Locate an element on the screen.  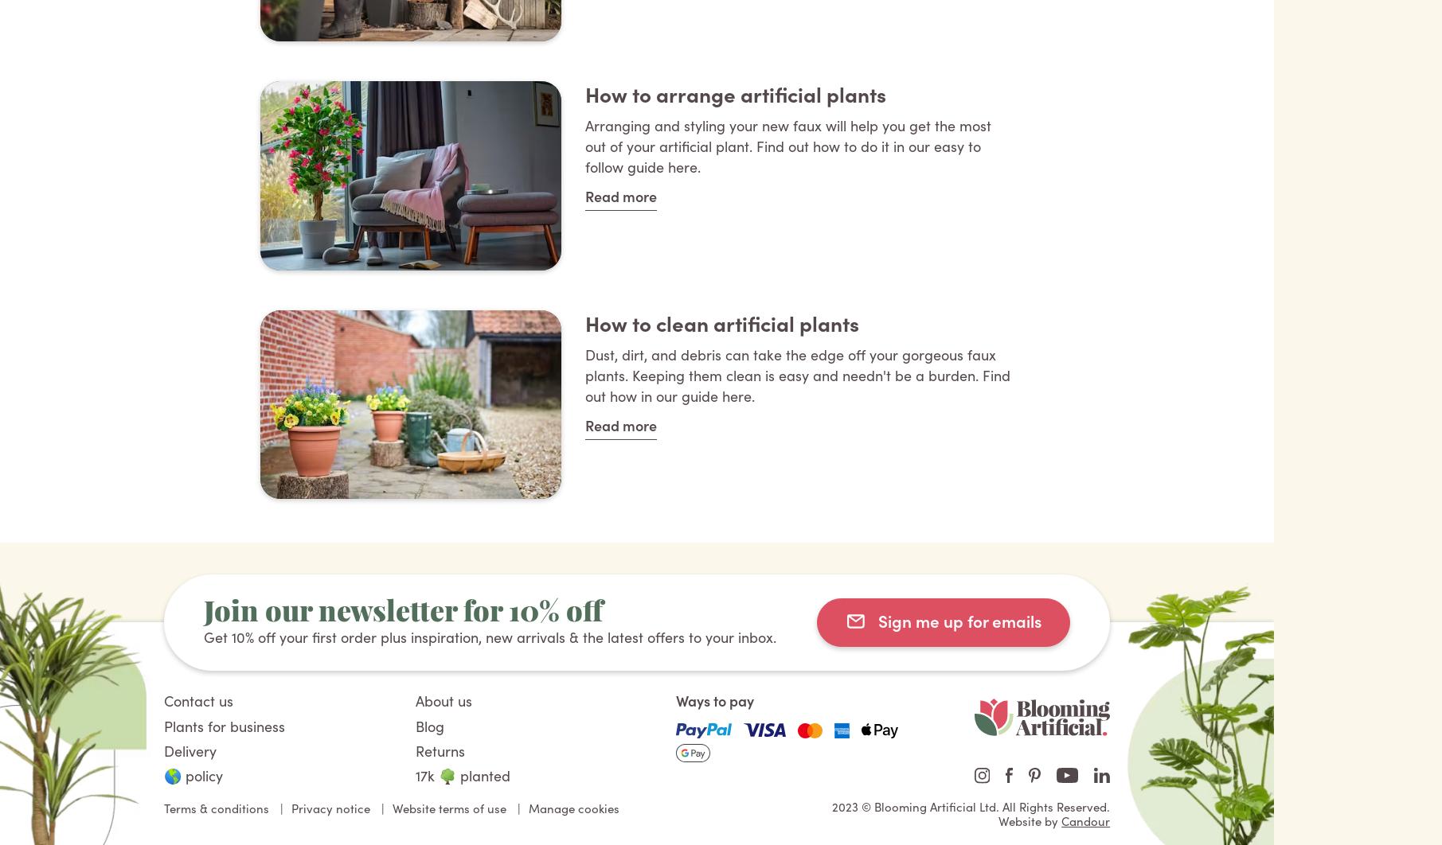
'Privacy notice' is located at coordinates (330, 806).